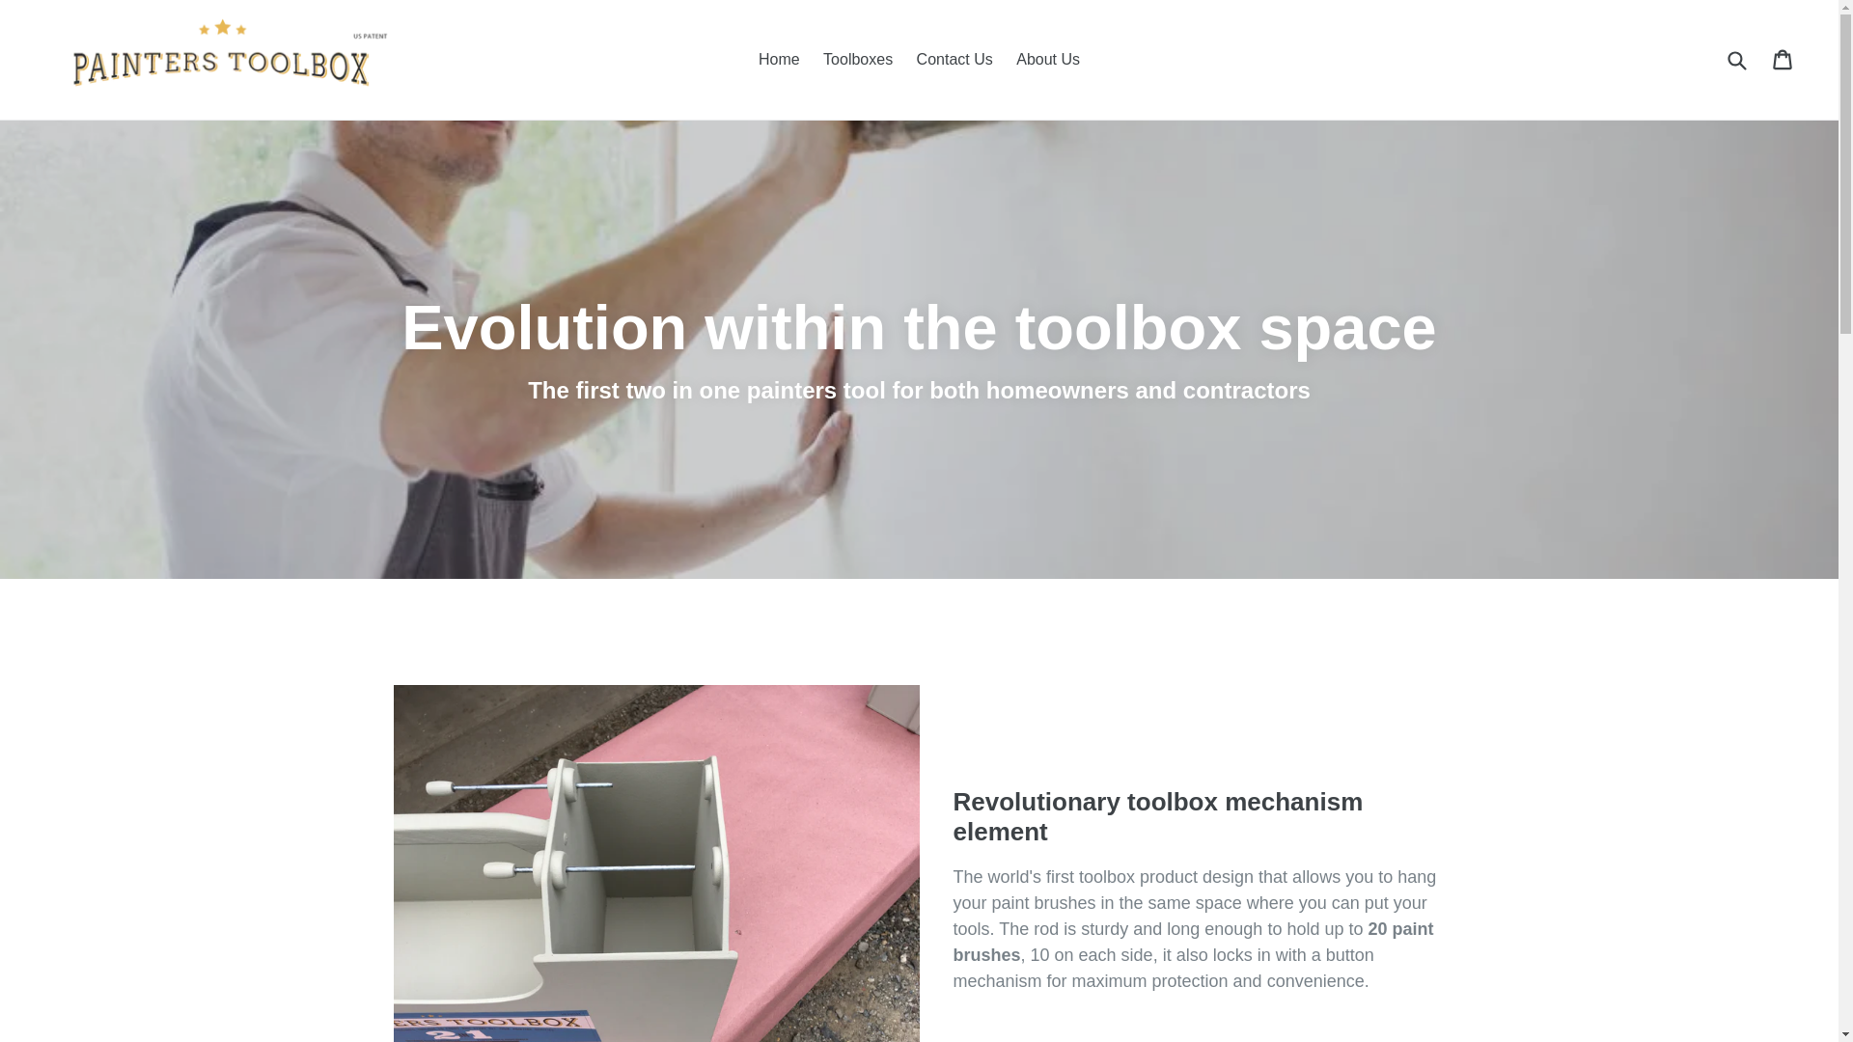 The width and height of the screenshot is (1853, 1042). I want to click on 'Home', so click(779, 58).